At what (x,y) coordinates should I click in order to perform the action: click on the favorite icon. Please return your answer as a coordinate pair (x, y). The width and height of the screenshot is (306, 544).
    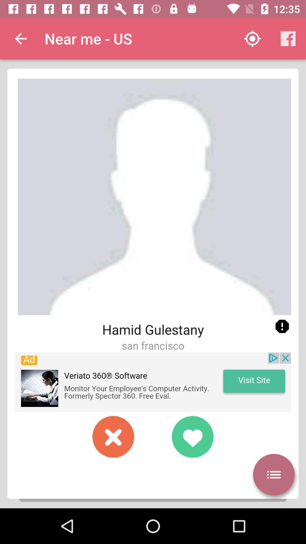
    Looking at the image, I should click on (192, 436).